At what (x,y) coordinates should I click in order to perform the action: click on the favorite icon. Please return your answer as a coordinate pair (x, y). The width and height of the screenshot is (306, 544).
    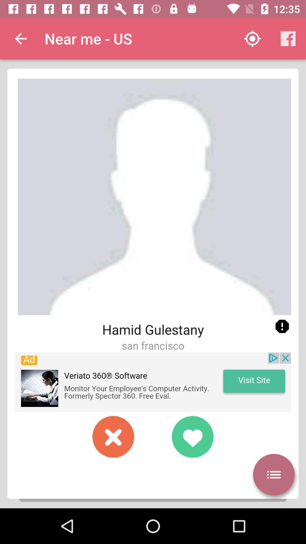
    Looking at the image, I should click on (192, 436).